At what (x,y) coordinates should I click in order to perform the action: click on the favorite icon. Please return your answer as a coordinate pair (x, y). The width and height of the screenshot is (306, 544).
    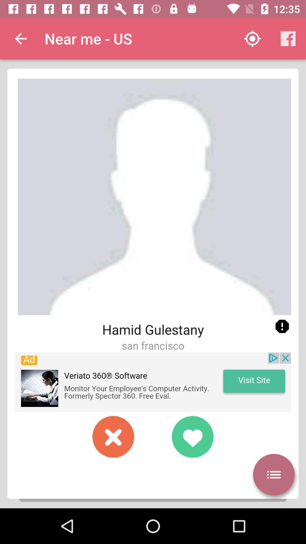
    Looking at the image, I should click on (192, 436).